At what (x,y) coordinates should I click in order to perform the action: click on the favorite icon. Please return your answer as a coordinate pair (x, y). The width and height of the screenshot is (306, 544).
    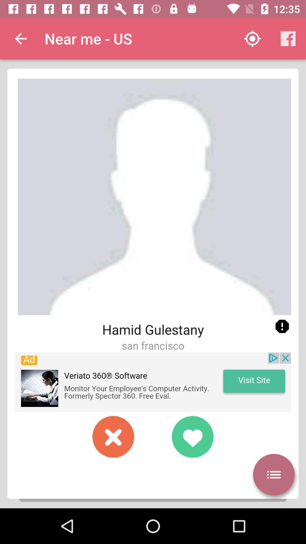
    Looking at the image, I should click on (192, 436).